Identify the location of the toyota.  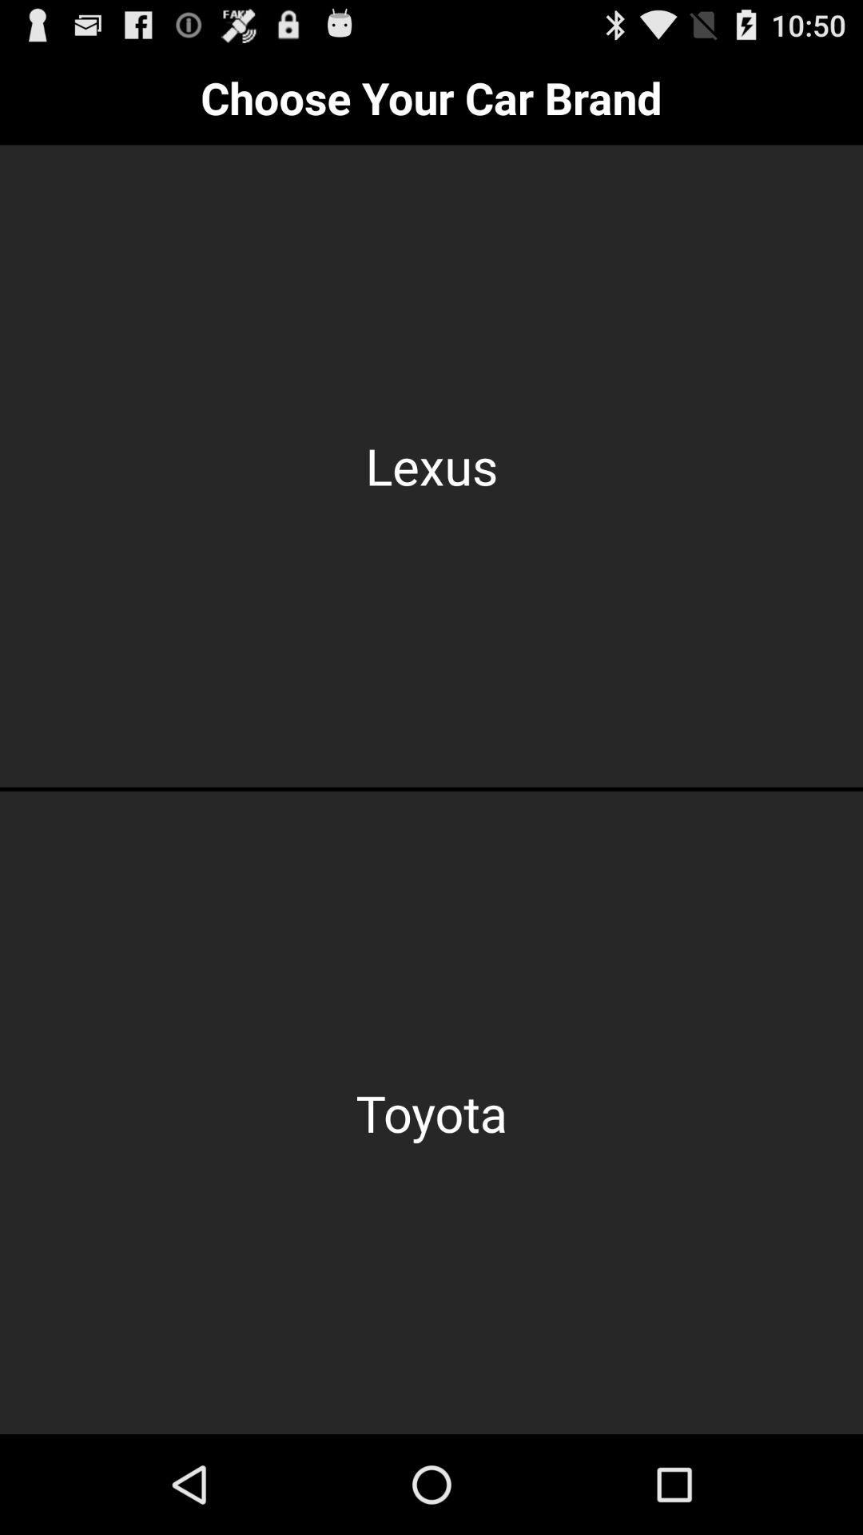
(431, 1112).